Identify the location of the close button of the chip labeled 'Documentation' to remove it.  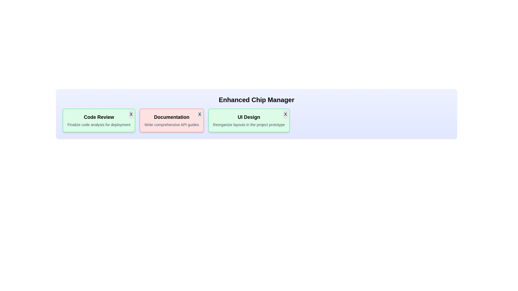
(199, 114).